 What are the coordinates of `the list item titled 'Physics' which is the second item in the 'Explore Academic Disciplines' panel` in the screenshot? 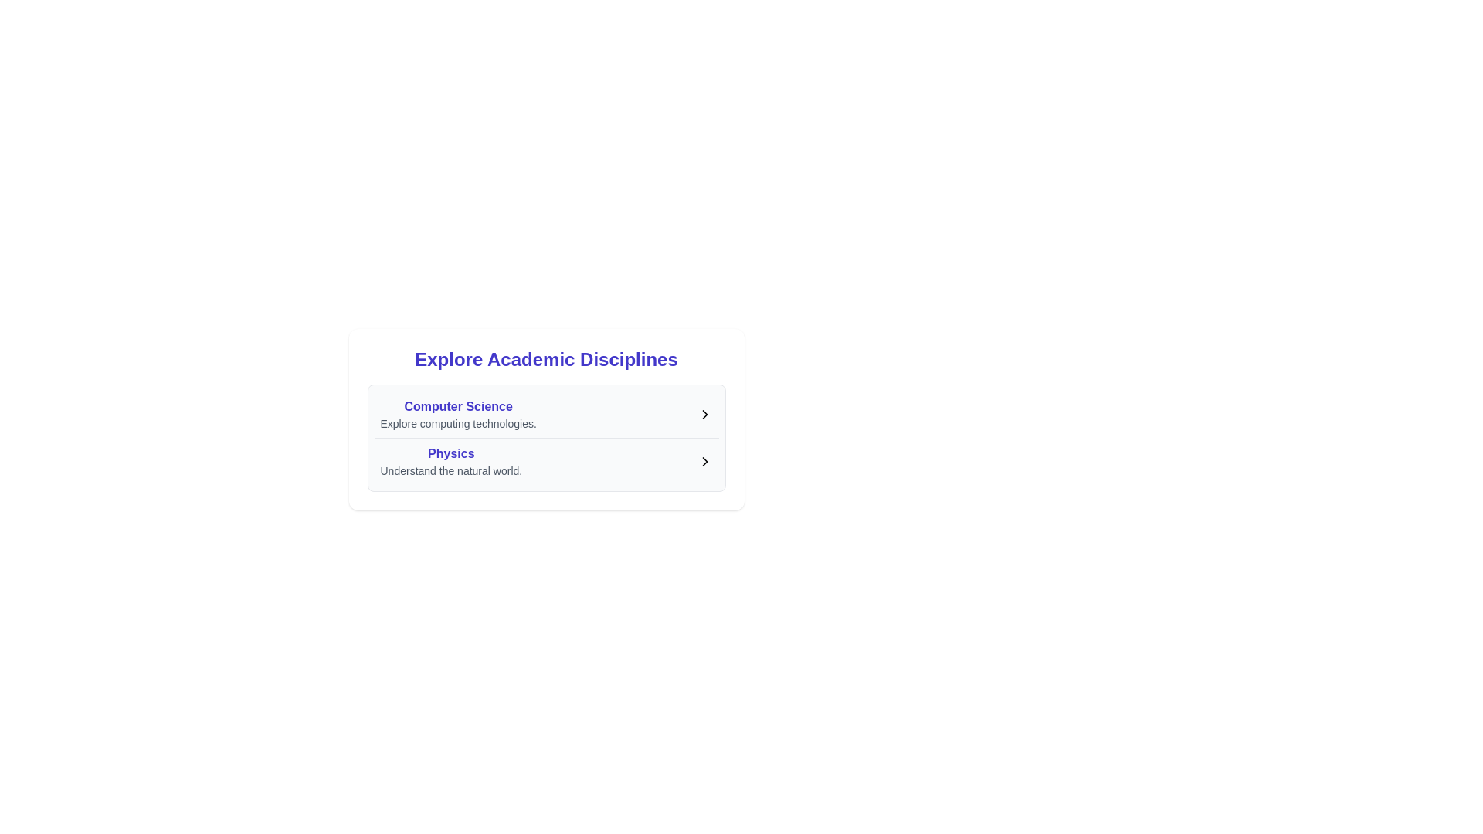 It's located at (546, 460).